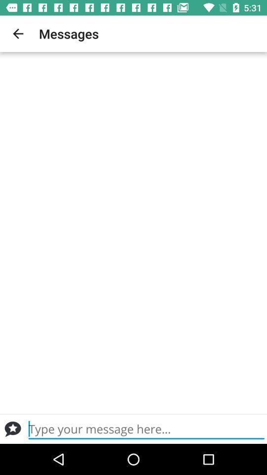 The width and height of the screenshot is (267, 475). I want to click on item at the bottom left corner, so click(12, 428).